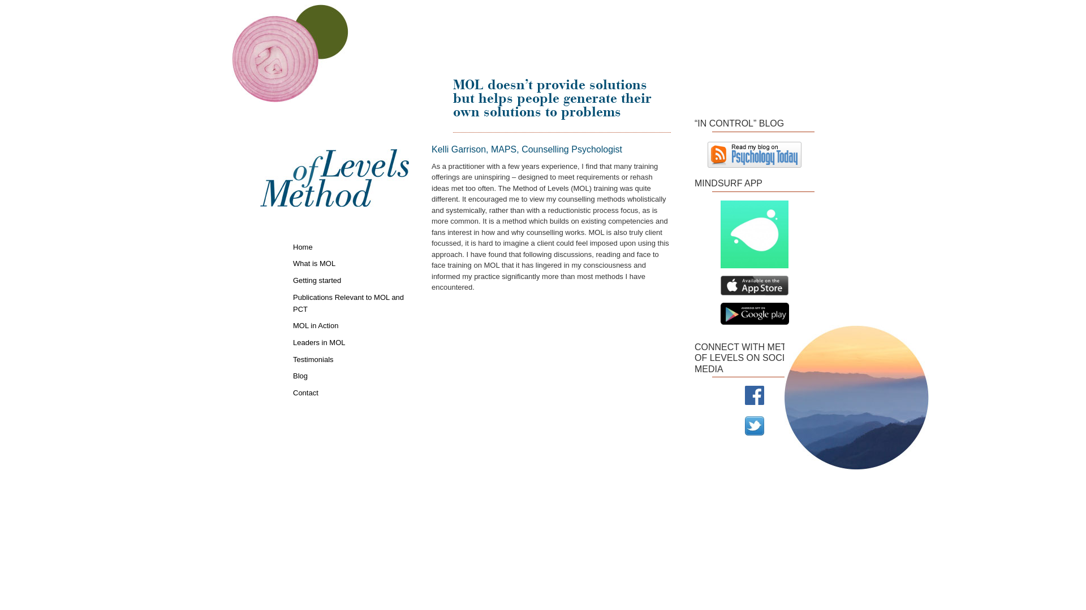  I want to click on 'Publications Relevant to MOL and PCT', so click(350, 302).